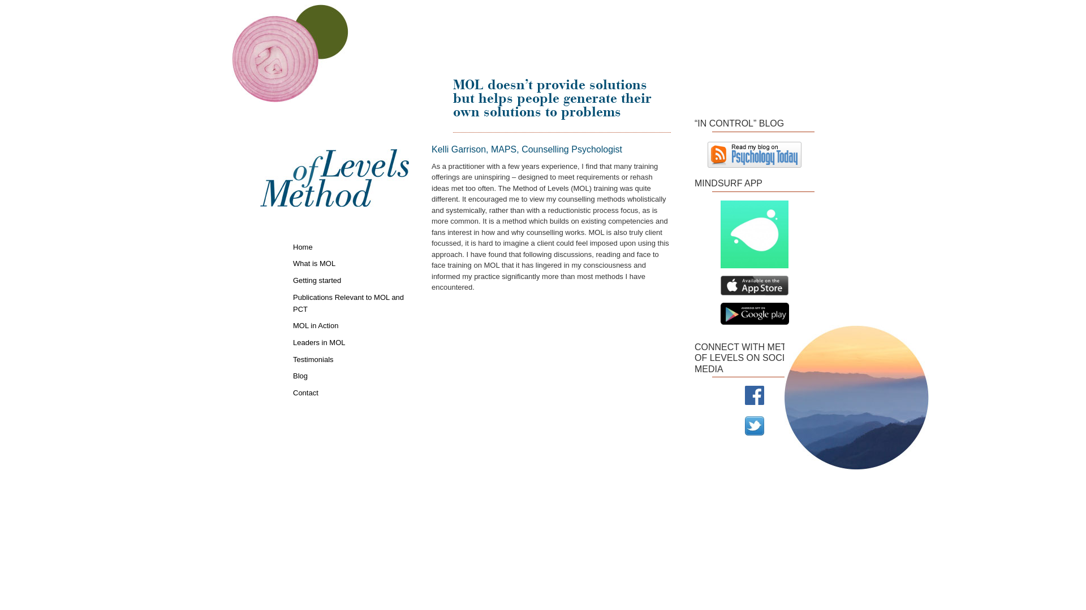  I want to click on 'Publications Relevant to MOL and PCT', so click(350, 302).